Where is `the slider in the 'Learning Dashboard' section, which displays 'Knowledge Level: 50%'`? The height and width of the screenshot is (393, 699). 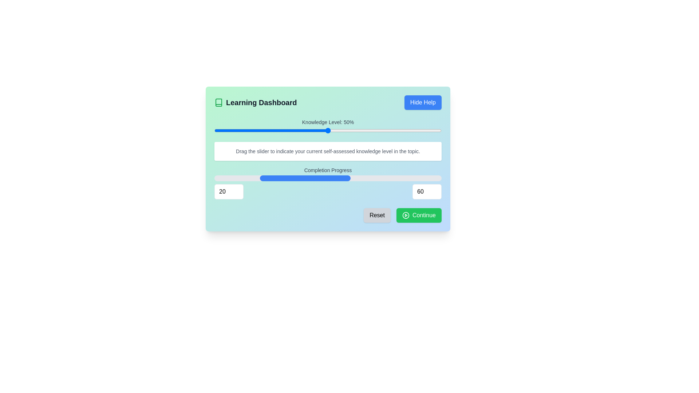 the slider in the 'Learning Dashboard' section, which displays 'Knowledge Level: 50%' is located at coordinates (328, 158).